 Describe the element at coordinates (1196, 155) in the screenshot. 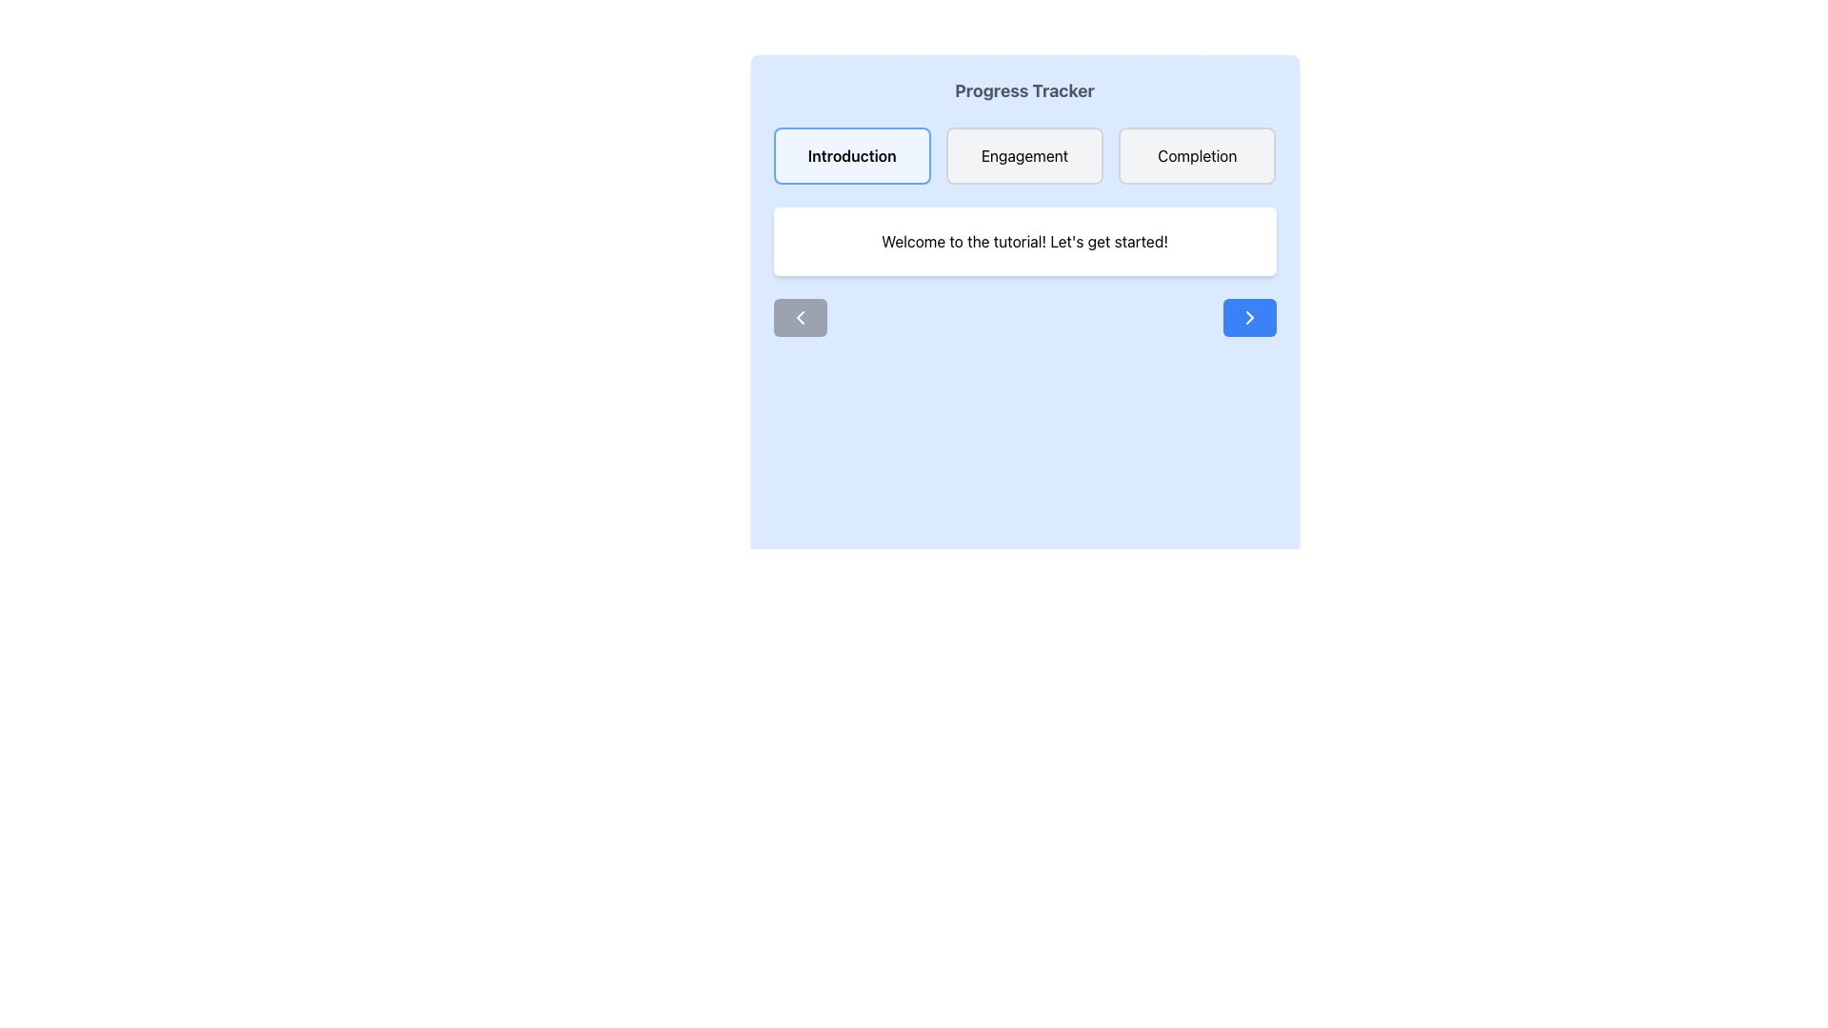

I see `the 'Completion' button, which is a rectangular button with rounded corners, light gray background, and centered bold text, located in the 'Progress Tracker' section` at that location.